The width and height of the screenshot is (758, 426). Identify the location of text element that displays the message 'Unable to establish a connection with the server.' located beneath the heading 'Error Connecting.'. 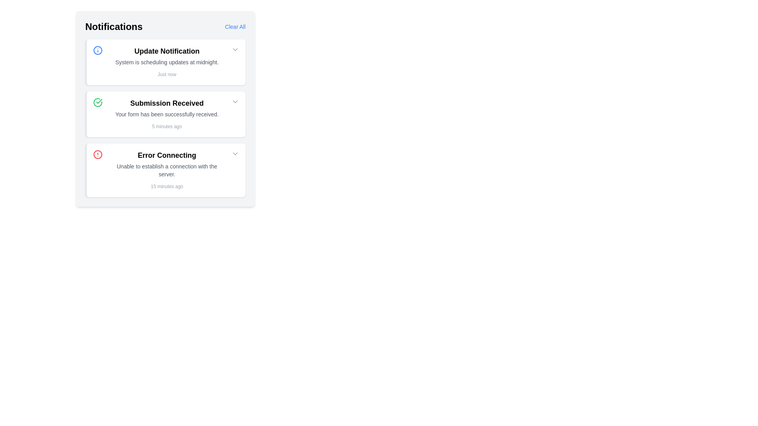
(166, 170).